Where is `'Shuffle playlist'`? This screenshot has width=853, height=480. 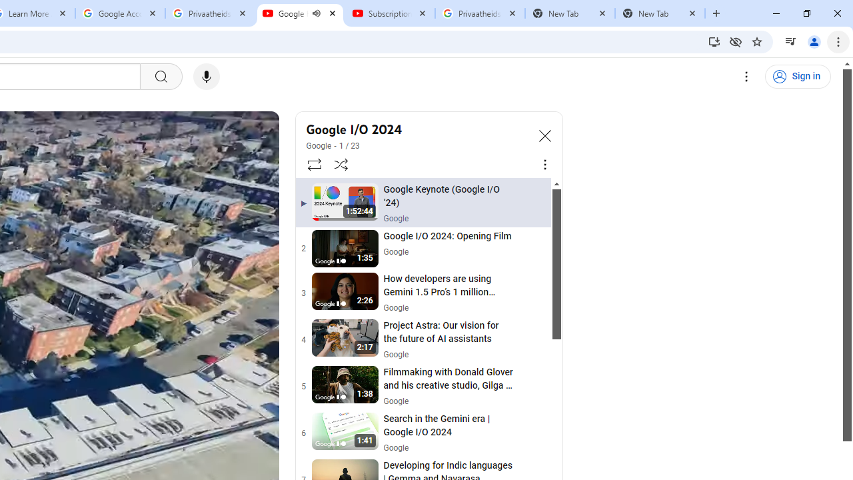 'Shuffle playlist' is located at coordinates (341, 163).